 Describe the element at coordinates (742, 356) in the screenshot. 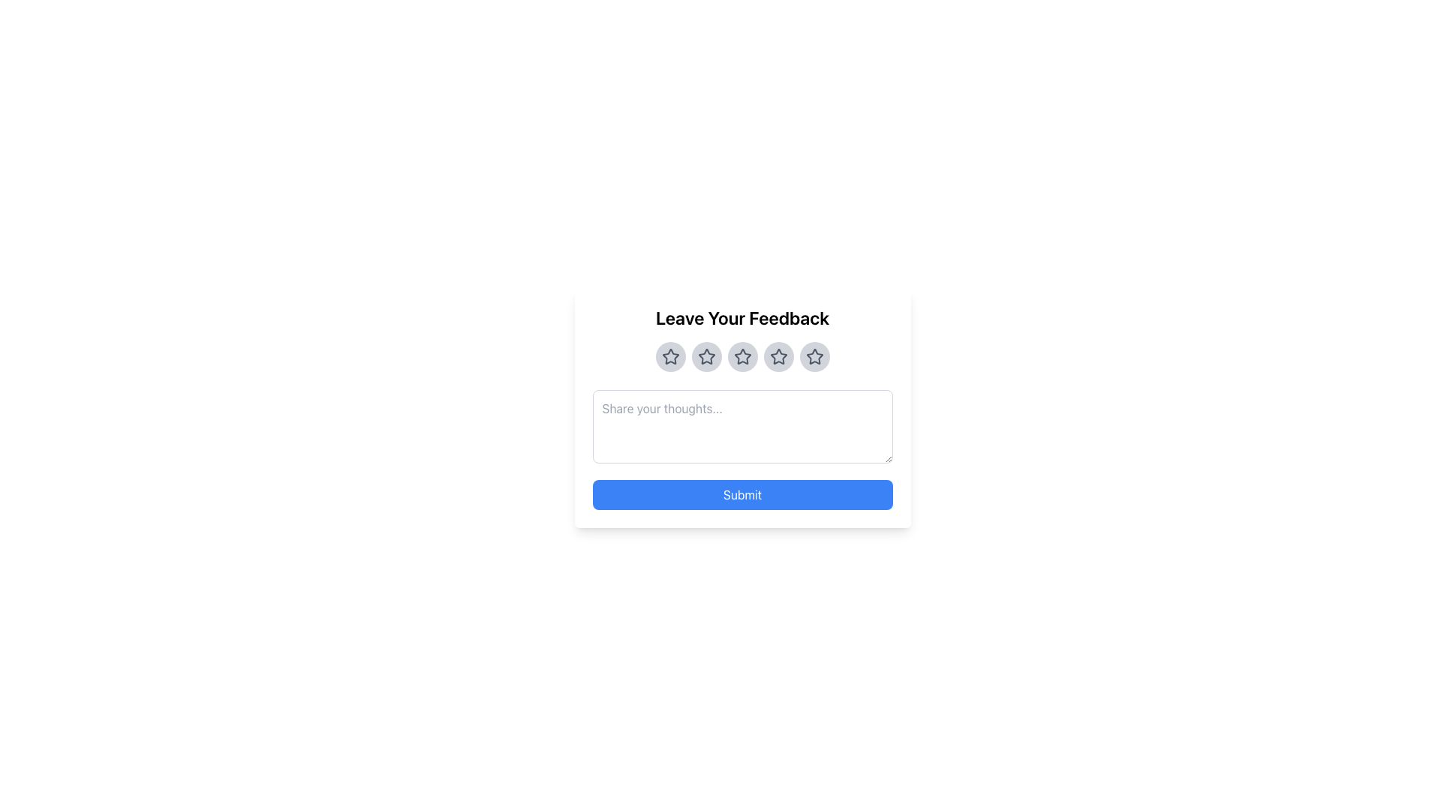

I see `the third star icon in the rating section` at that location.